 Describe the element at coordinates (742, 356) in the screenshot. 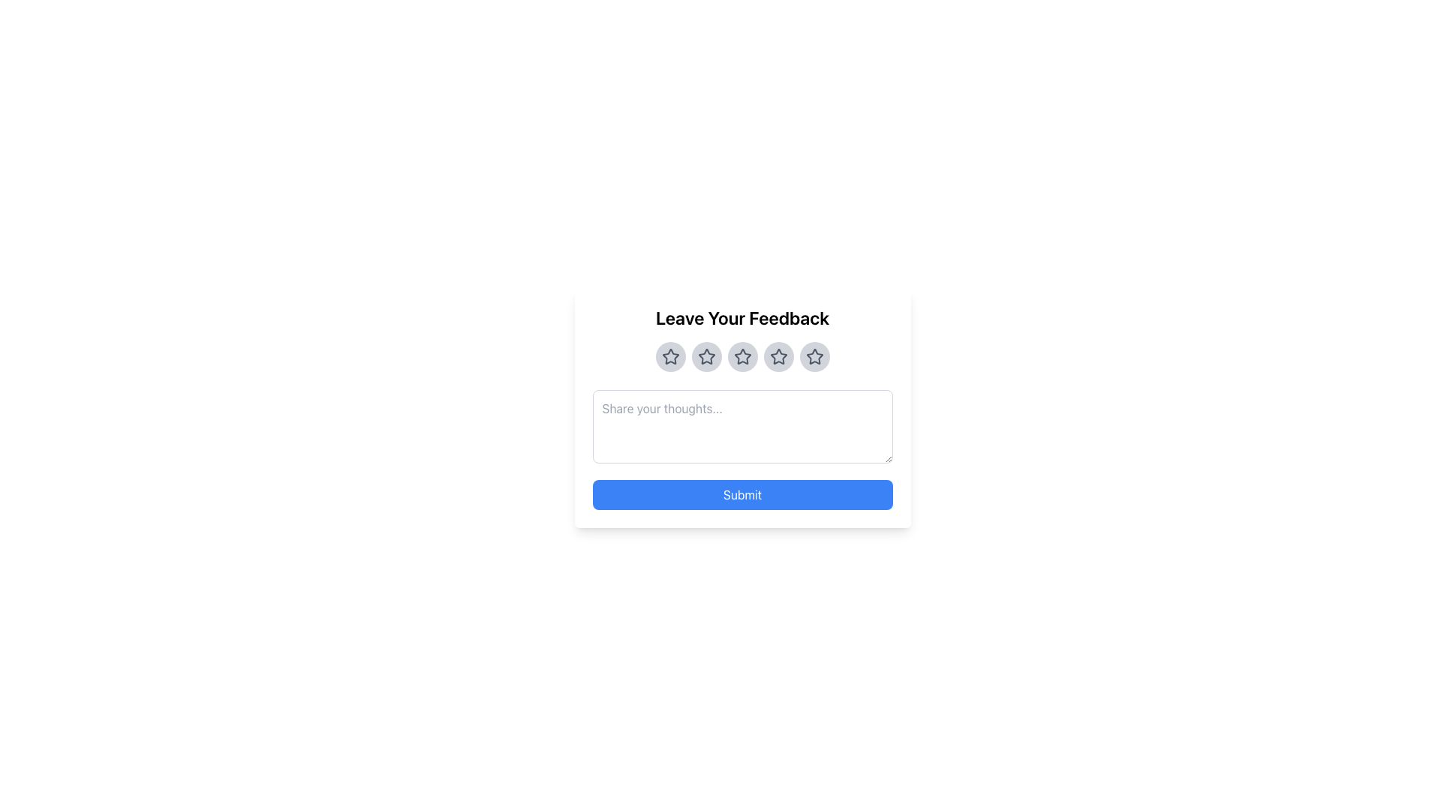

I see `the third star icon in the rating section` at that location.